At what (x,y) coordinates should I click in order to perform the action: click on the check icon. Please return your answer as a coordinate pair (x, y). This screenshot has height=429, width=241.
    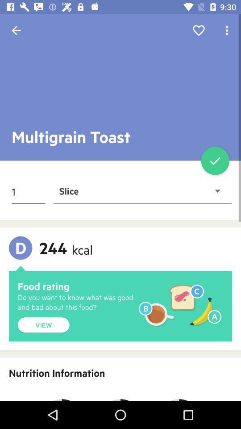
    Looking at the image, I should click on (215, 161).